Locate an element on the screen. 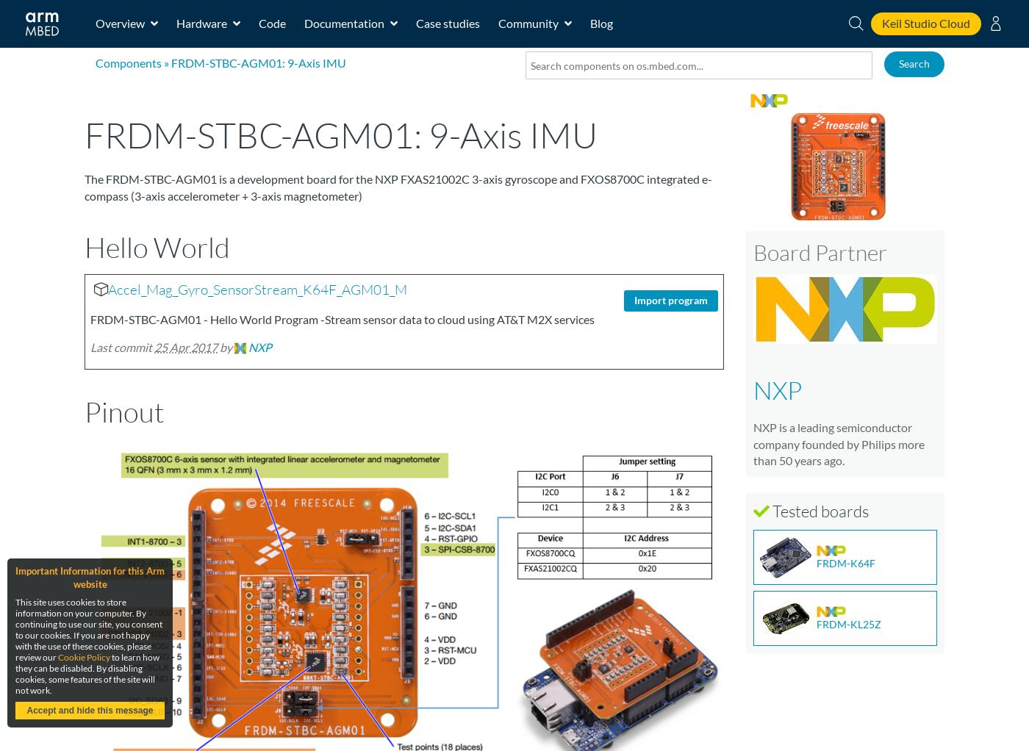  'Keil Studio Cloud' is located at coordinates (926, 22).